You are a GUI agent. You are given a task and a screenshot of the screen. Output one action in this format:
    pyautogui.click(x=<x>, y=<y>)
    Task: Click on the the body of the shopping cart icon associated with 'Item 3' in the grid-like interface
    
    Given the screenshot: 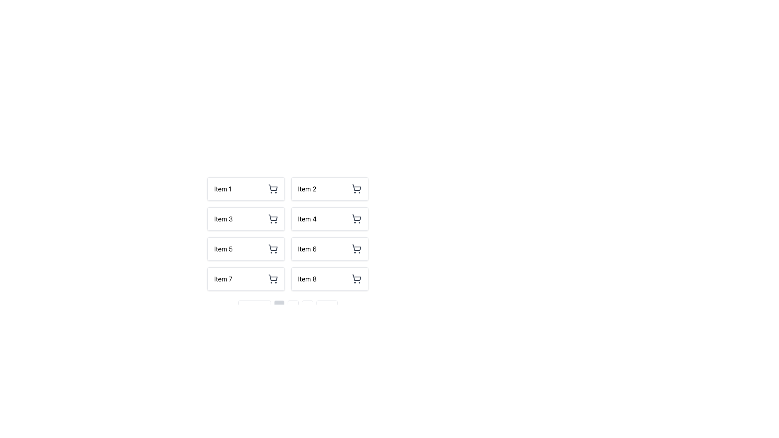 What is the action you would take?
    pyautogui.click(x=273, y=217)
    